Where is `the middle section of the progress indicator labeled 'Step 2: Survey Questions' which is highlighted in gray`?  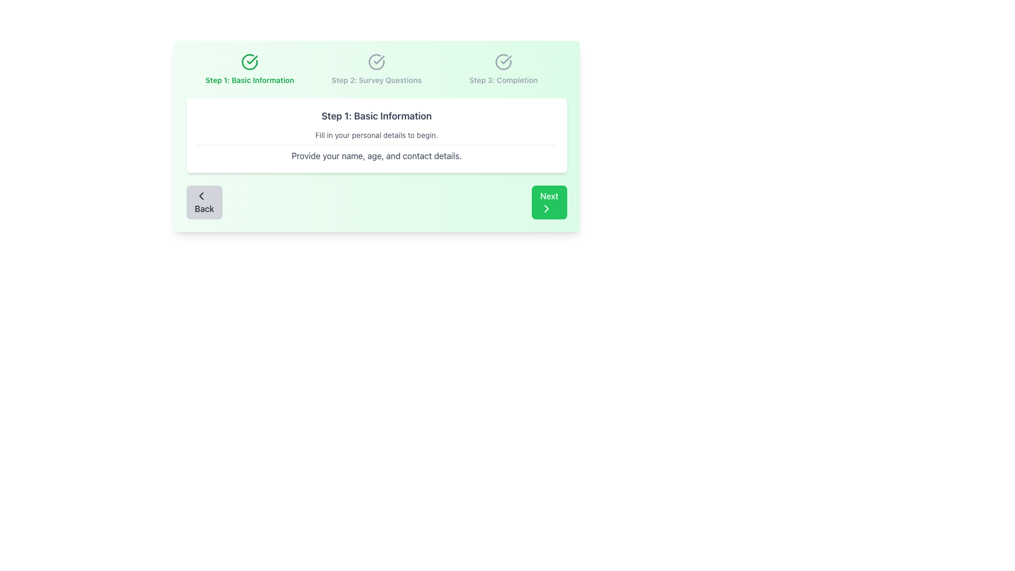 the middle section of the progress indicator labeled 'Step 2: Survey Questions' which is highlighted in gray is located at coordinates (376, 69).